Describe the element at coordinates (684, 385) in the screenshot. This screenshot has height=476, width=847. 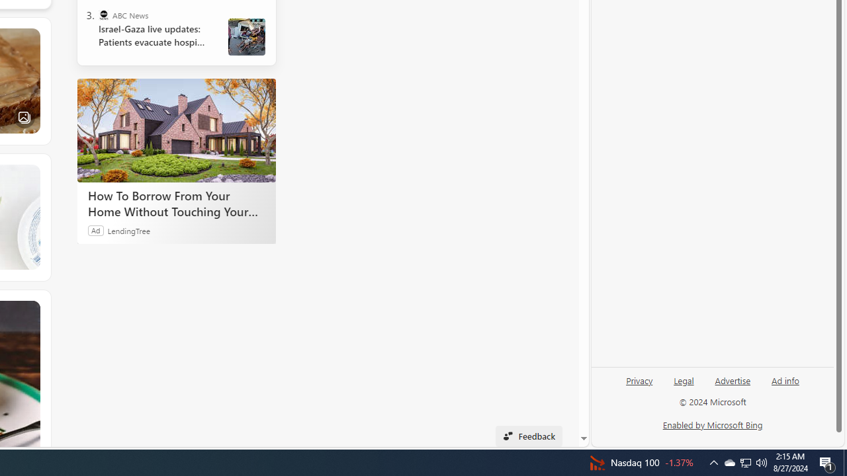
I see `'Legal'` at that location.